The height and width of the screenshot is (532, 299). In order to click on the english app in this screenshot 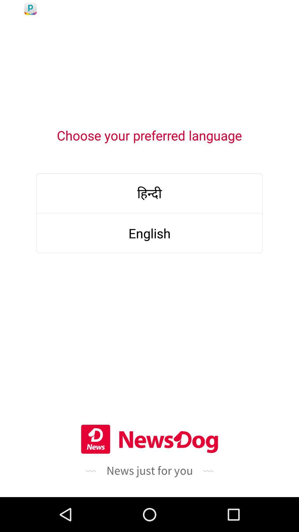, I will do `click(149, 233)`.